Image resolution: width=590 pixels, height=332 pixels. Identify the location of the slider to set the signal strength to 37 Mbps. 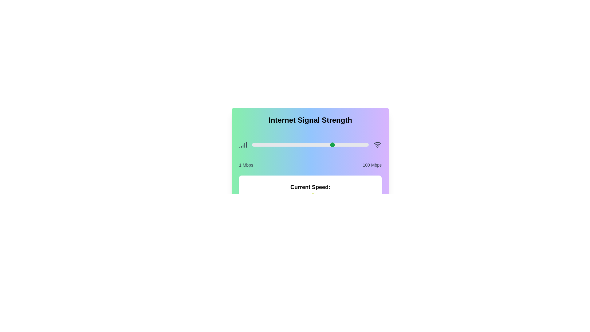
(294, 144).